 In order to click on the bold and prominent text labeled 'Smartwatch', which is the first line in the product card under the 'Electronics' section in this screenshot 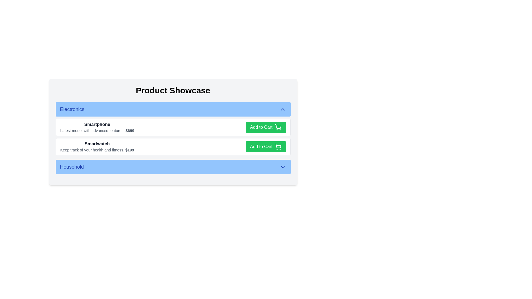, I will do `click(97, 144)`.